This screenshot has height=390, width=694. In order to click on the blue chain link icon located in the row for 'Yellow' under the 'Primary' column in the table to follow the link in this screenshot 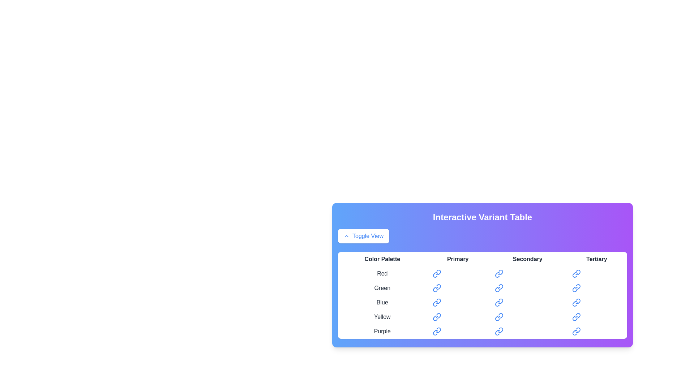, I will do `click(435, 318)`.